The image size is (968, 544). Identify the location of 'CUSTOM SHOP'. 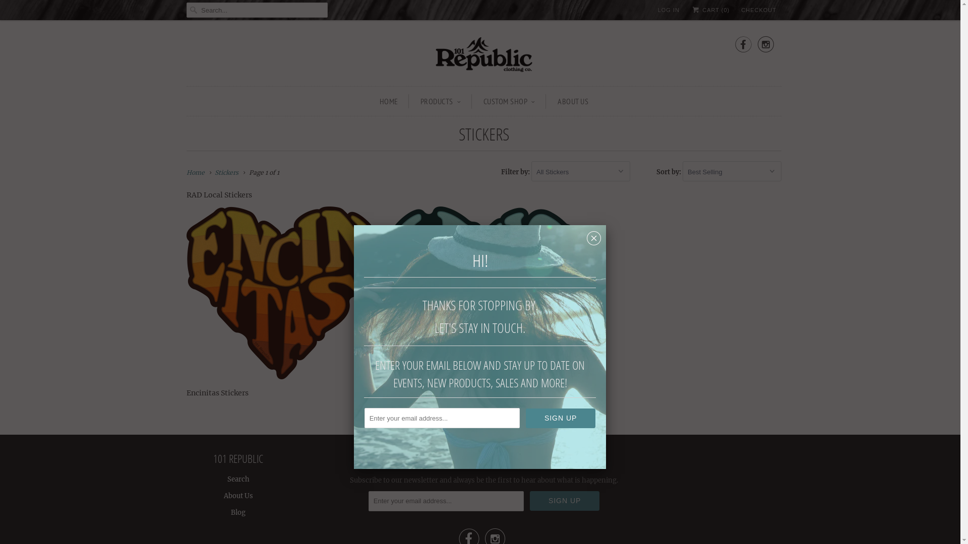
(509, 101).